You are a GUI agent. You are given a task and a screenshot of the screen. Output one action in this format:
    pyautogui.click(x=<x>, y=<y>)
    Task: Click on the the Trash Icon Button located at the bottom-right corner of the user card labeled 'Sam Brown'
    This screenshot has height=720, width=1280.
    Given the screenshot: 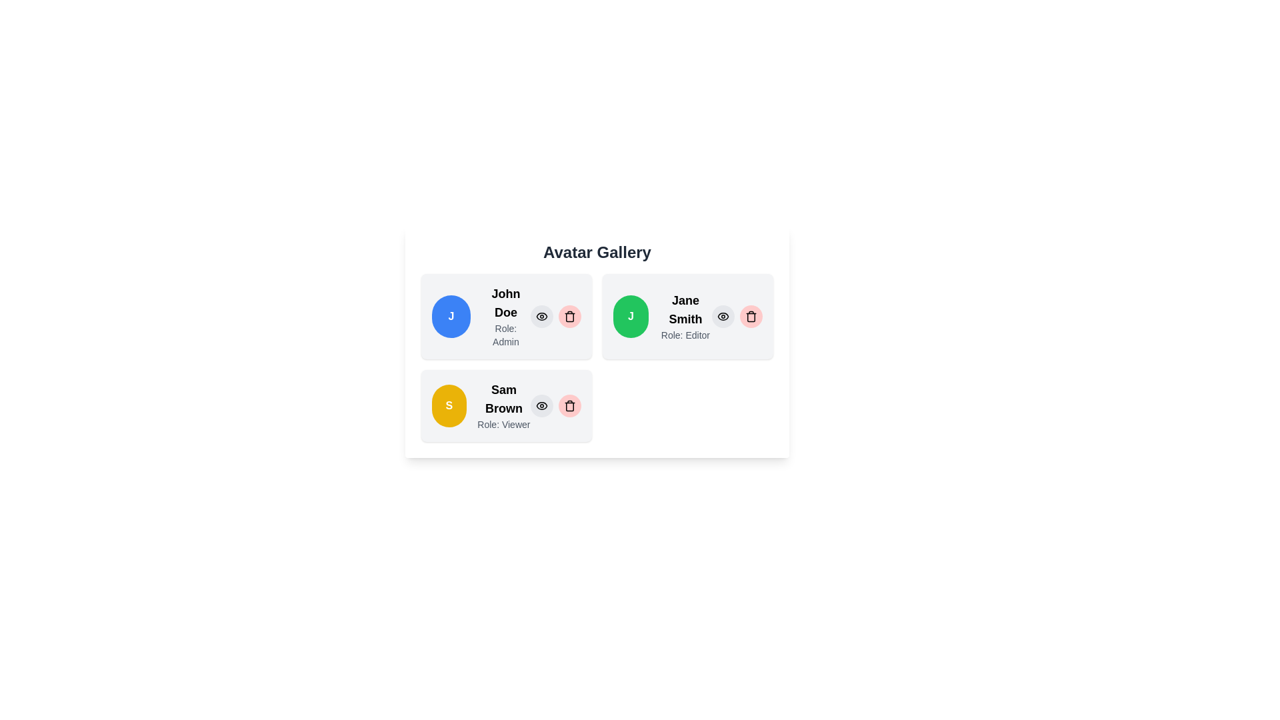 What is the action you would take?
    pyautogui.click(x=569, y=405)
    